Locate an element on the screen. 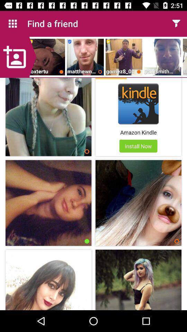 The width and height of the screenshot is (187, 332). app below the amazon kindle app is located at coordinates (138, 146).